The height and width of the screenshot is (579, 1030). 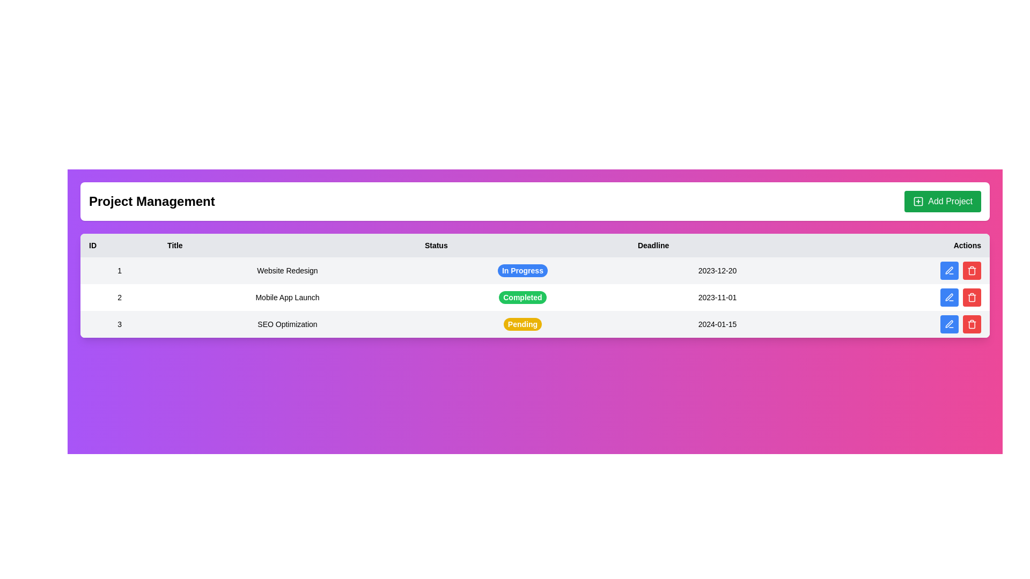 What do you see at coordinates (972, 324) in the screenshot?
I see `the trash can icon representing the delete functionality in the 'Actions' column of the third row for the 'SEO Optimization' project` at bounding box center [972, 324].